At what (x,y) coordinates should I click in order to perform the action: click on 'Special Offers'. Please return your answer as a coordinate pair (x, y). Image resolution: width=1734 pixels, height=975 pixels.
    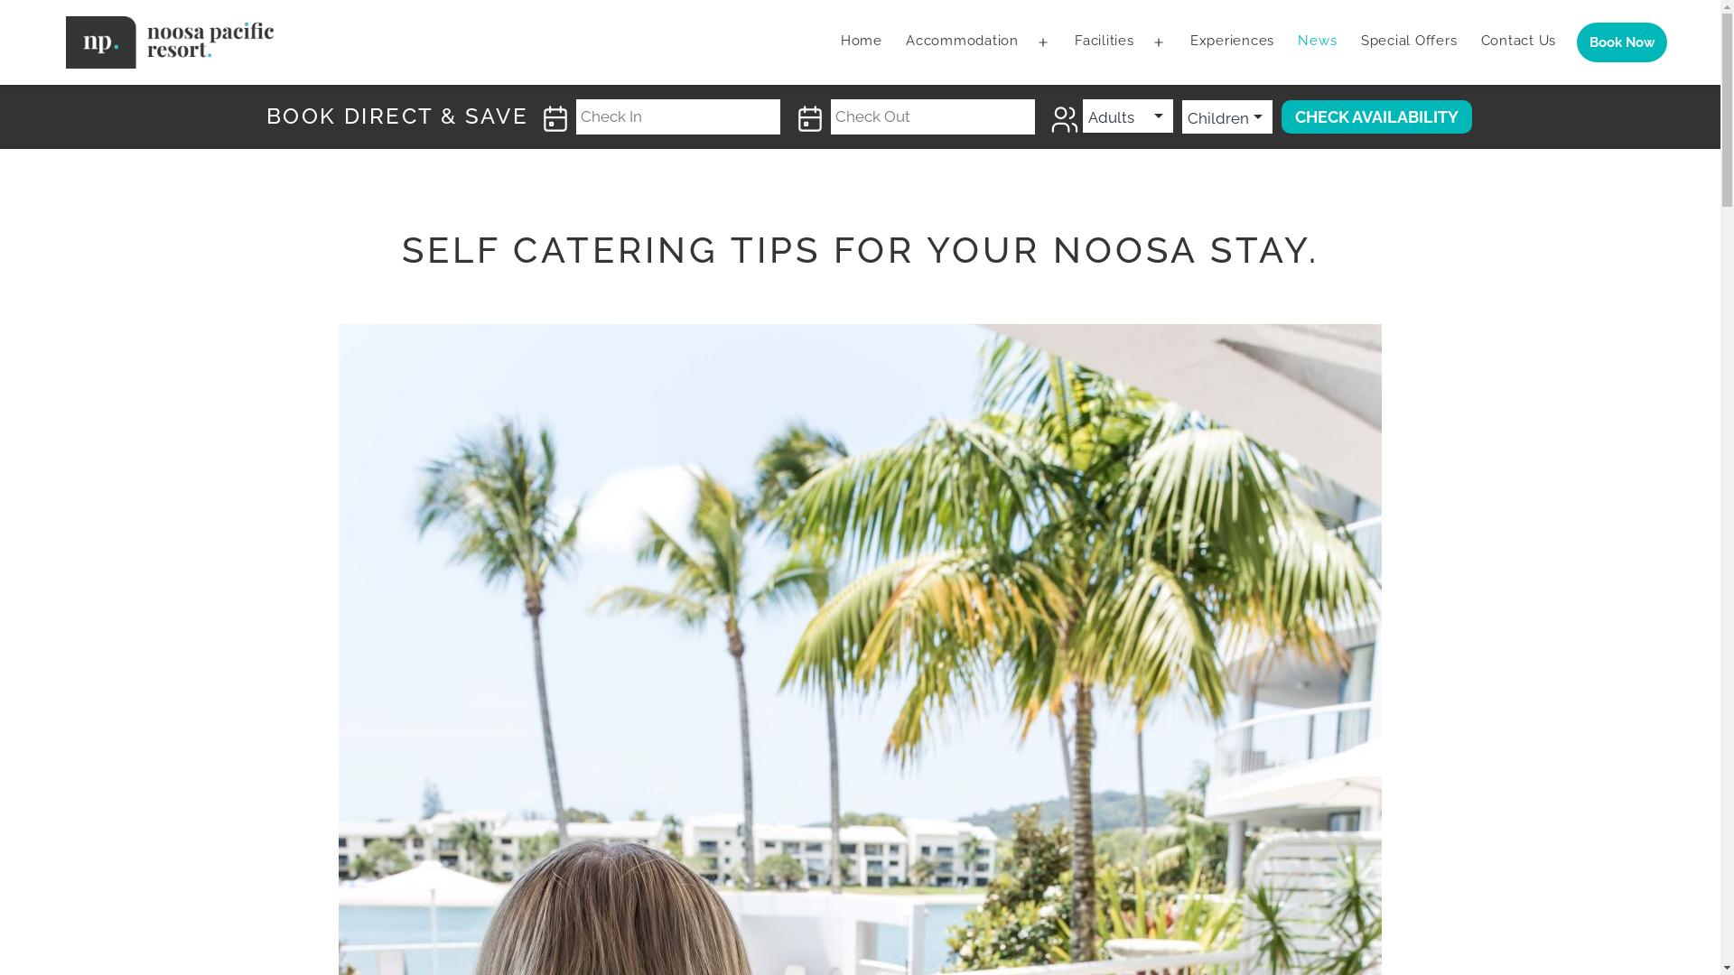
    Looking at the image, I should click on (1348, 42).